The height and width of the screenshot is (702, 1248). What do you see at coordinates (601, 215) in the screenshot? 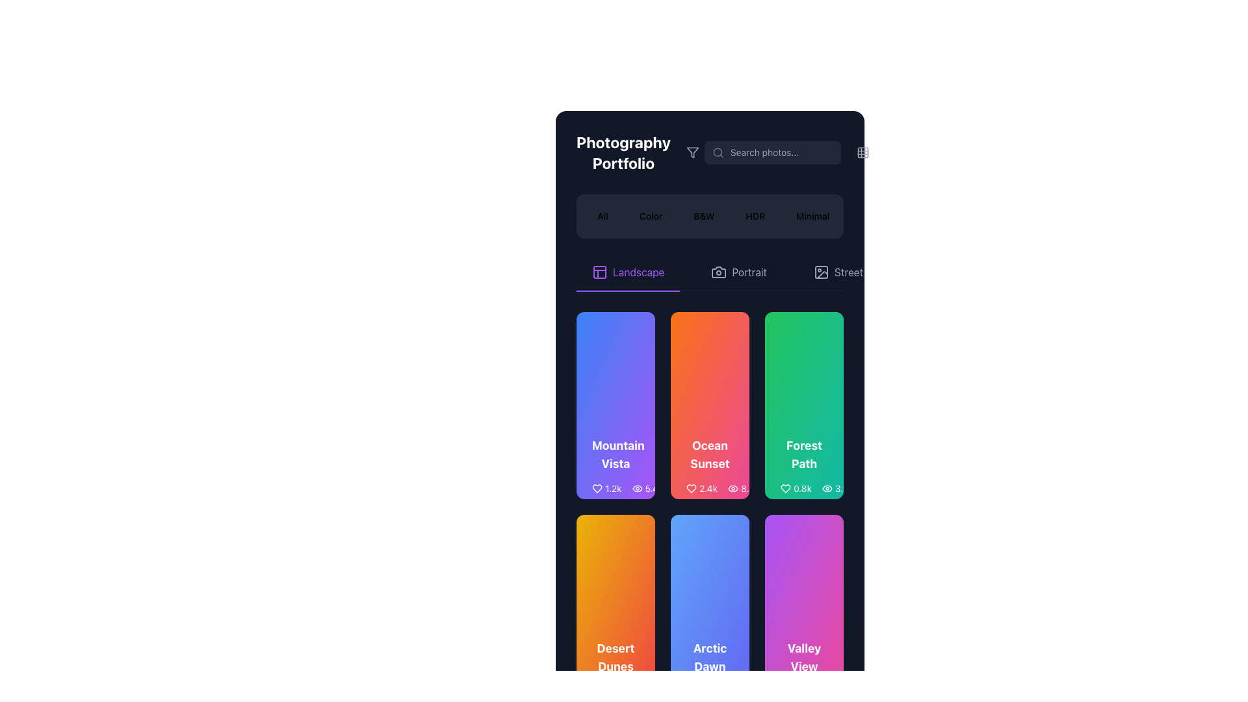
I see `the 'All' button in the navigation bar` at bounding box center [601, 215].